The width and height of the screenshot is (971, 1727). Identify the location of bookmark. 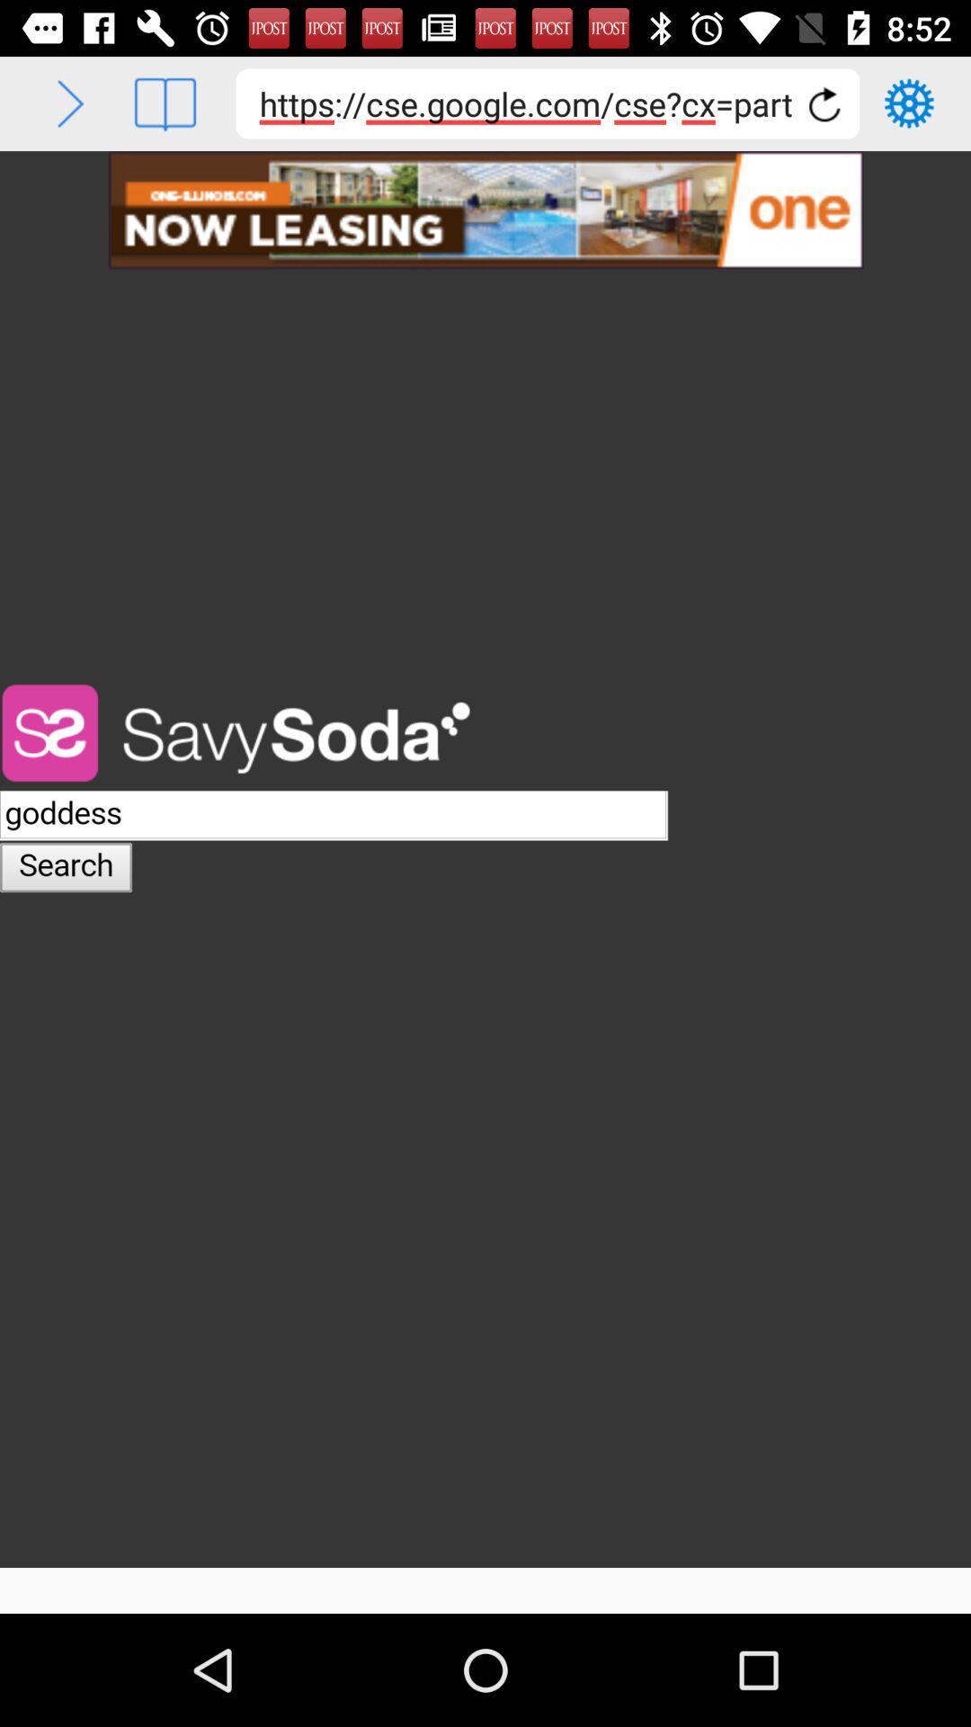
(165, 103).